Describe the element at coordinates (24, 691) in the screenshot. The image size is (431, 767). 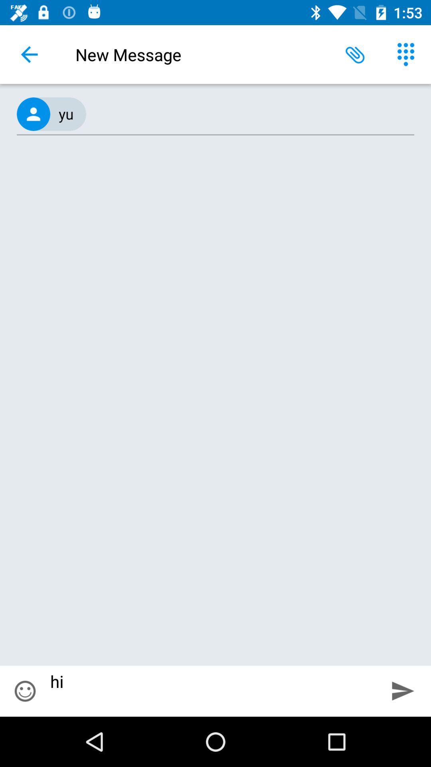
I see `choose emoji` at that location.